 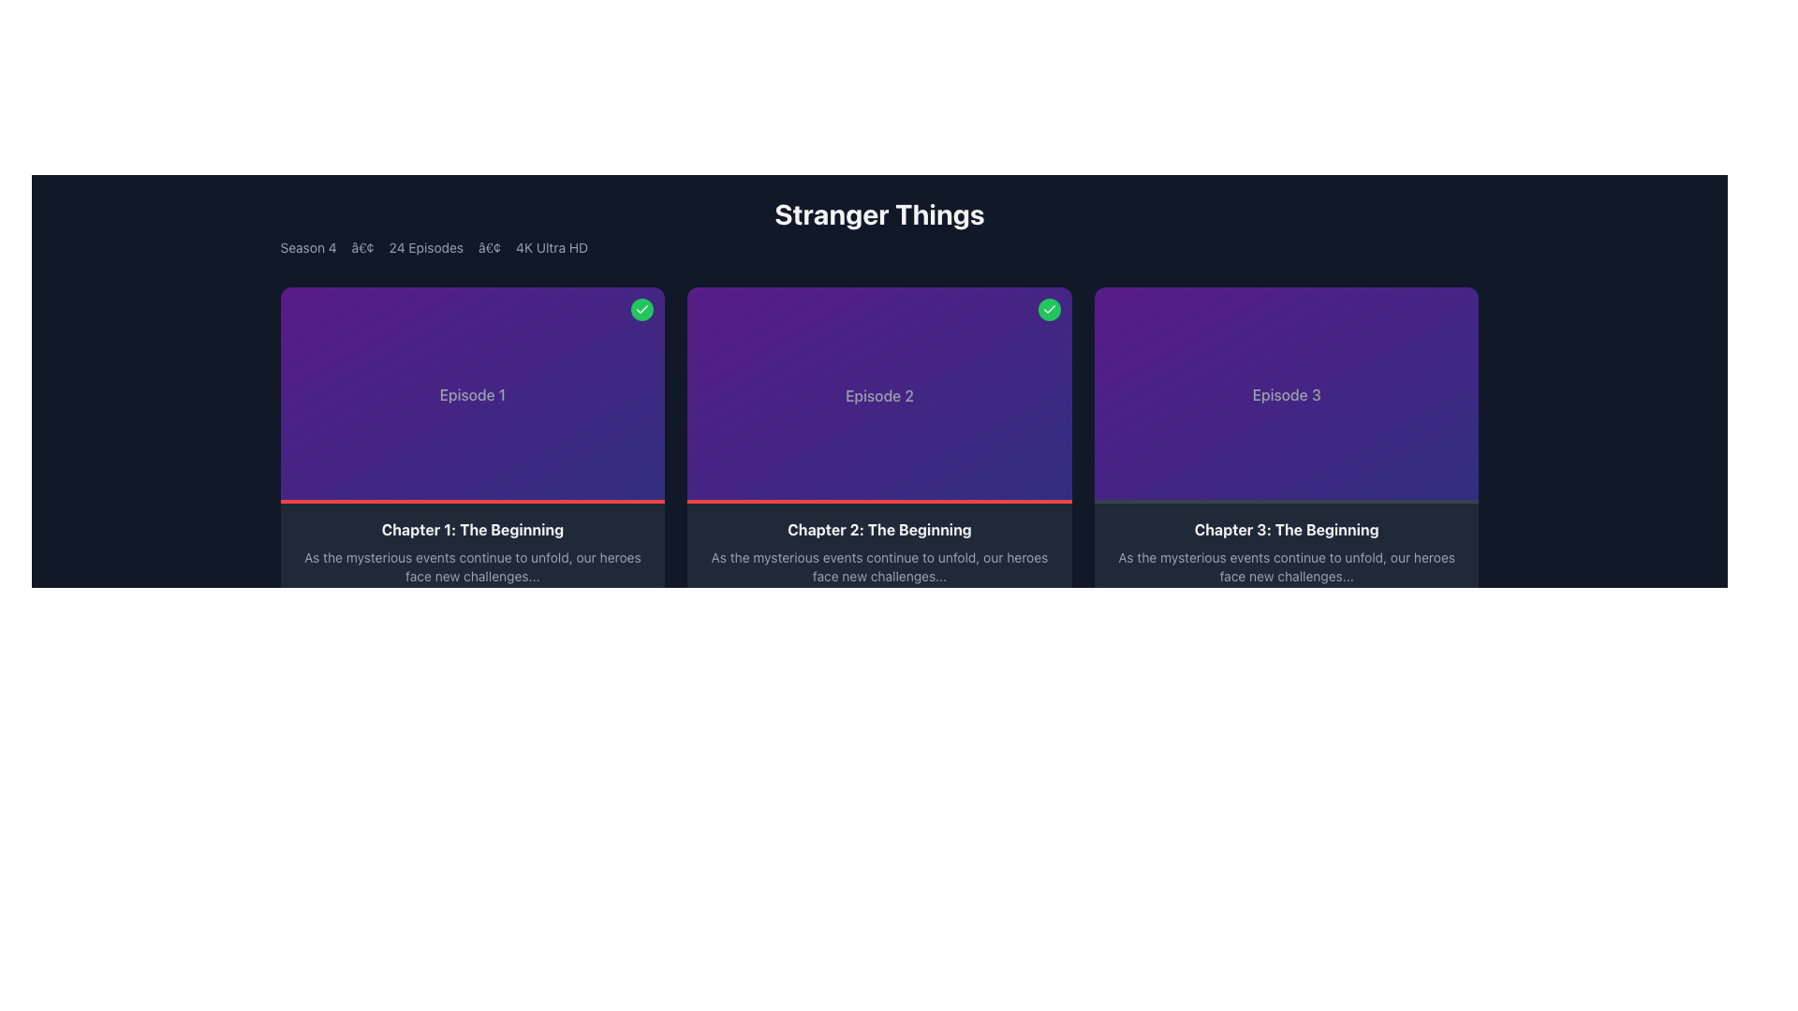 What do you see at coordinates (878, 530) in the screenshot?
I see `the text label reading 'Chapter 2: The Beginning', which is styled in bold white font and positioned beneath the purple card header labeled 'Episode 2'` at bounding box center [878, 530].